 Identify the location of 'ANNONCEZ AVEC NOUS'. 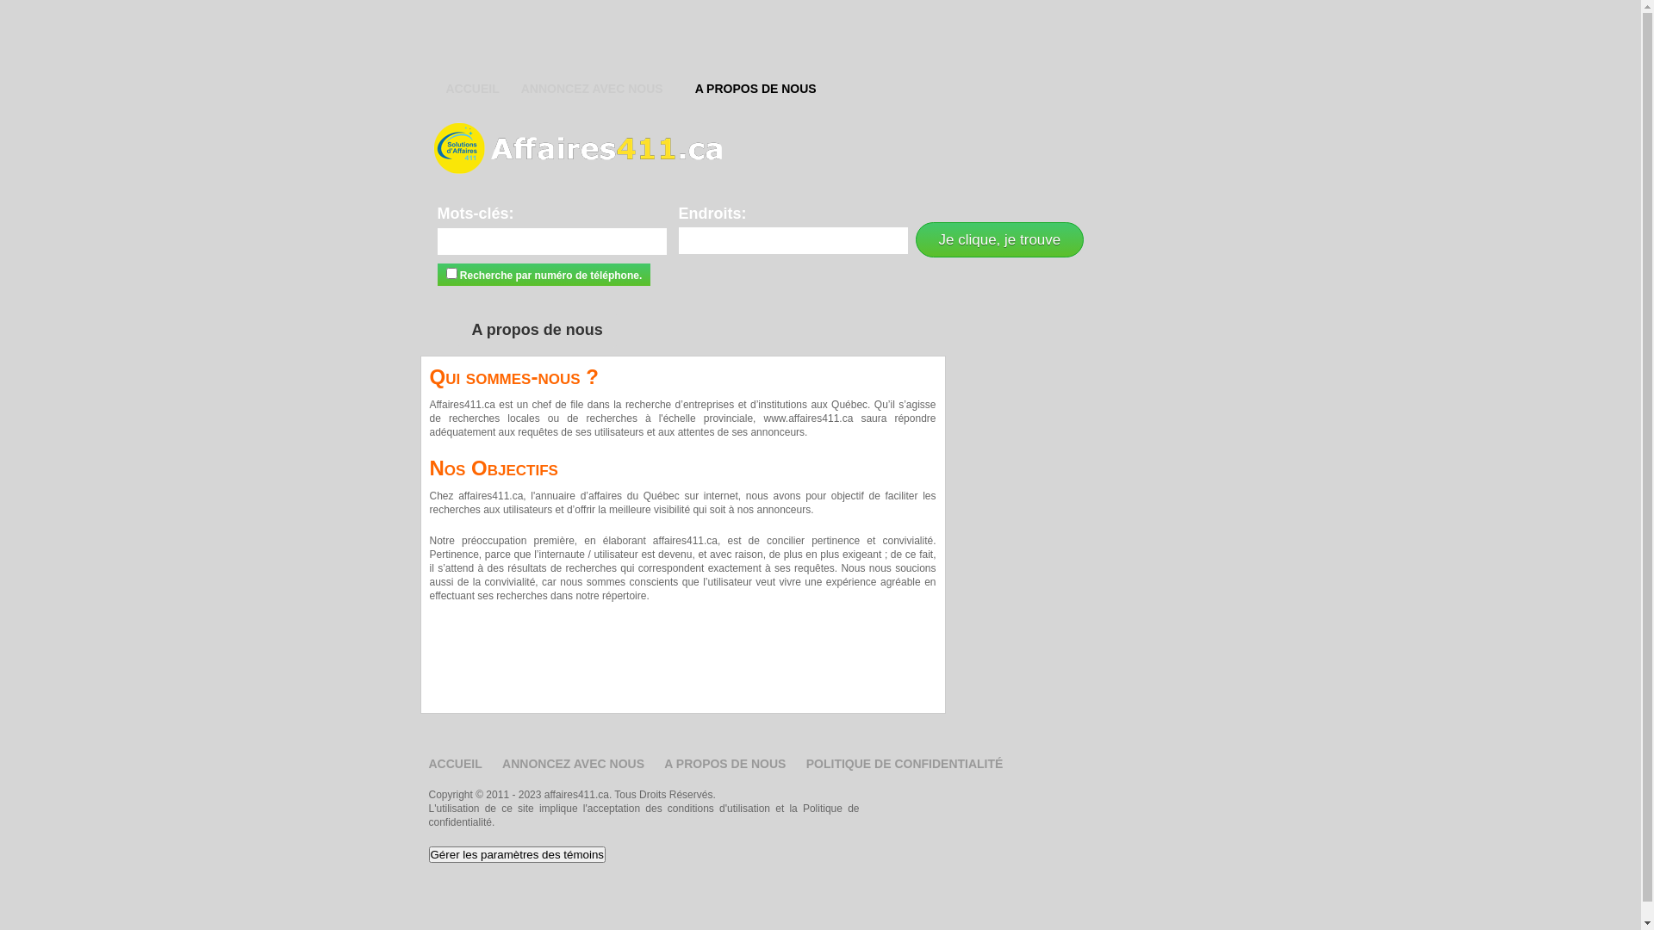
(519, 90).